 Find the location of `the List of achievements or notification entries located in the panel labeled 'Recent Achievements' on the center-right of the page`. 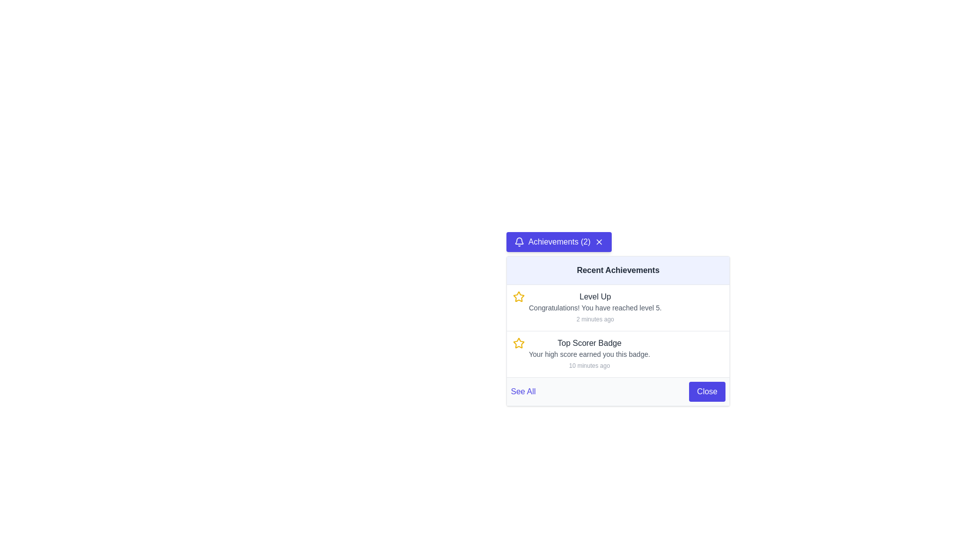

the List of achievements or notification entries located in the panel labeled 'Recent Achievements' on the center-right of the page is located at coordinates (617, 331).